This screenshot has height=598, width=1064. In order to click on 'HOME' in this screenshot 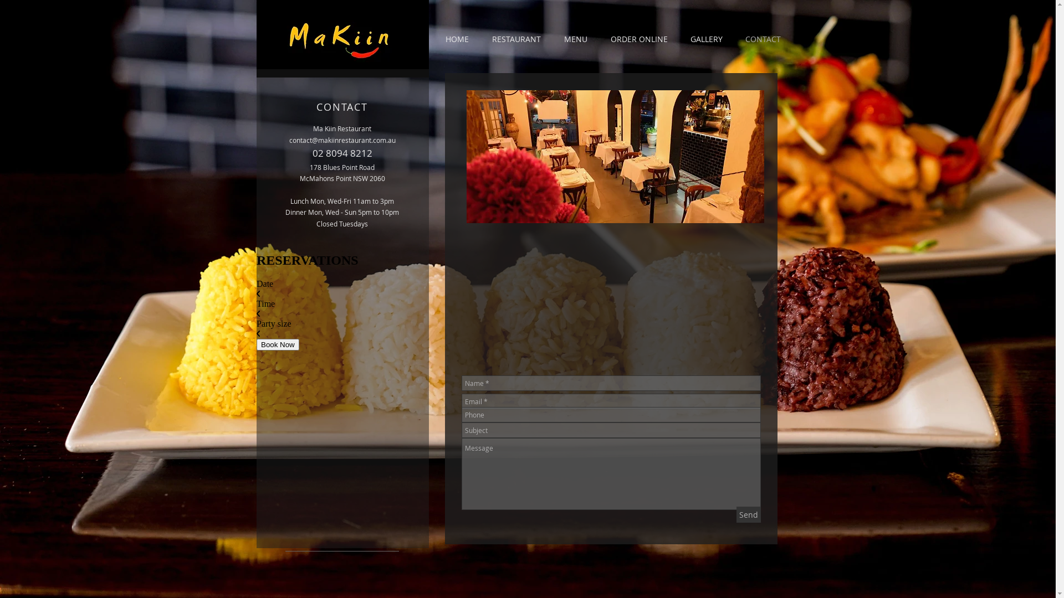, I will do `click(457, 38)`.